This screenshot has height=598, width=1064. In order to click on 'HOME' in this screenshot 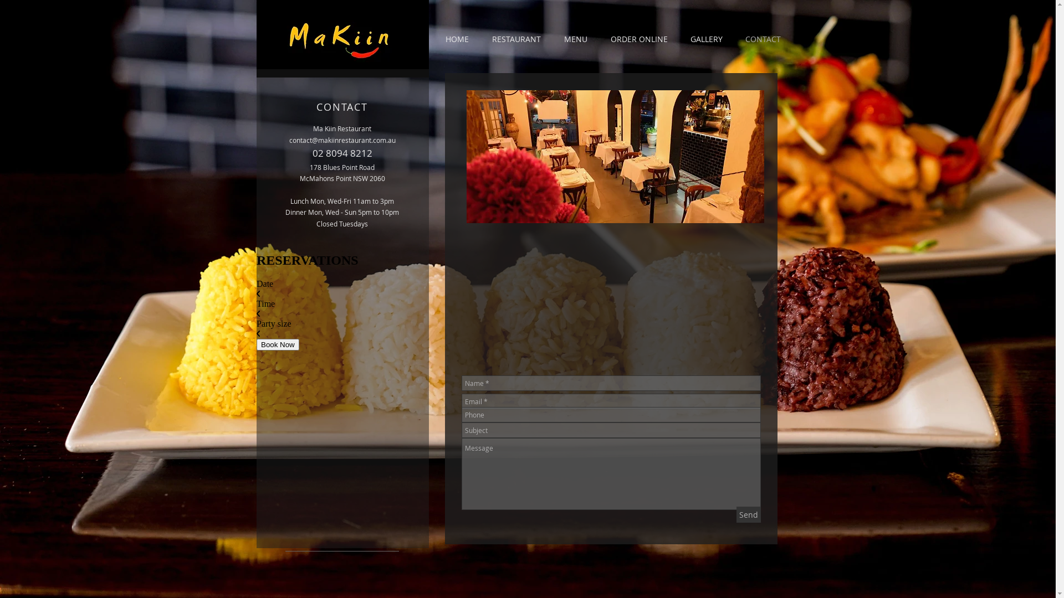, I will do `click(457, 38)`.